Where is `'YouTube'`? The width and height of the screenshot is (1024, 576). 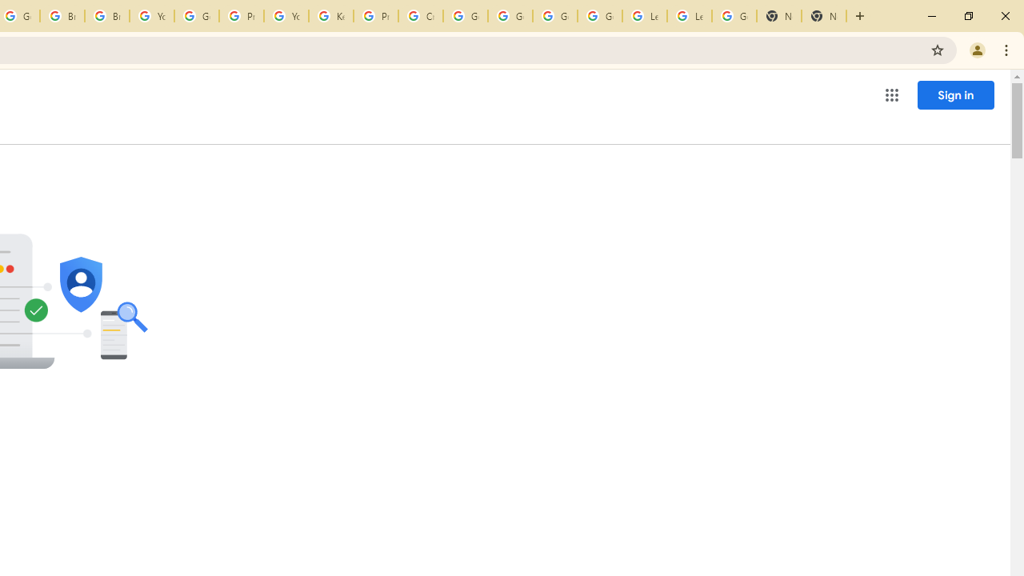 'YouTube' is located at coordinates (286, 16).